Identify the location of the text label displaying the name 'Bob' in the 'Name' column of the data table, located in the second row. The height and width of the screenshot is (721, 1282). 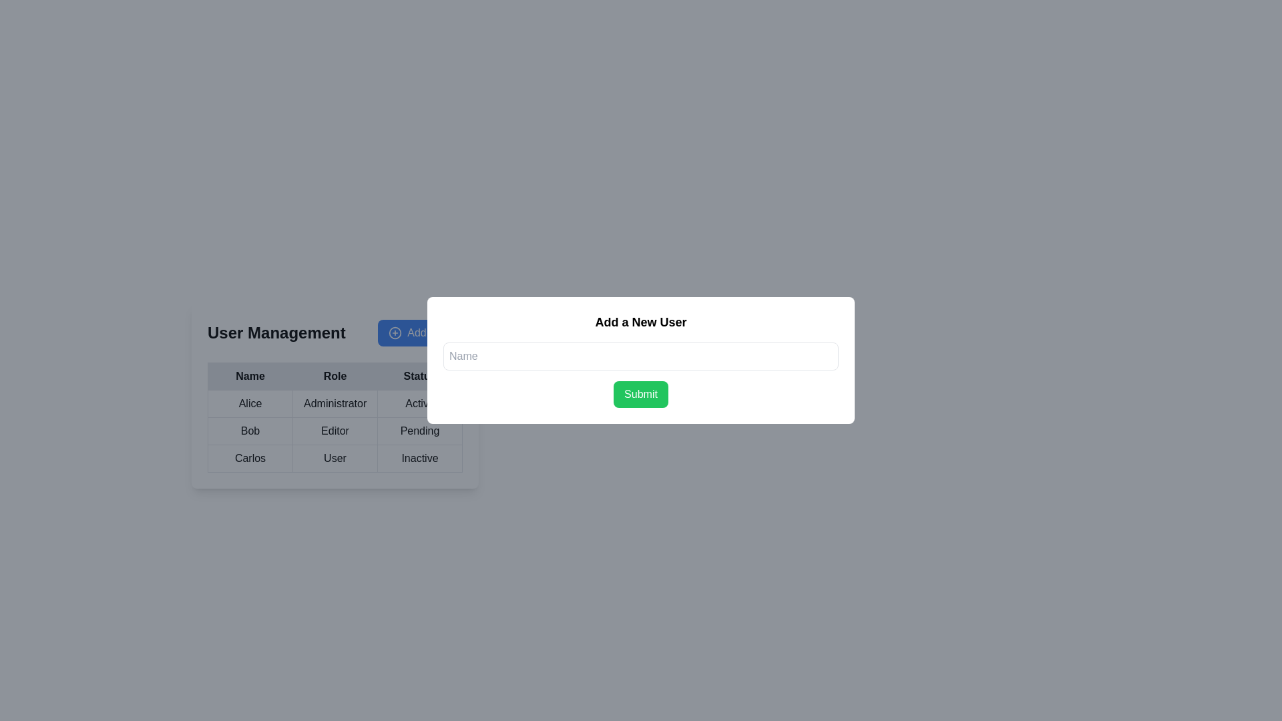
(250, 431).